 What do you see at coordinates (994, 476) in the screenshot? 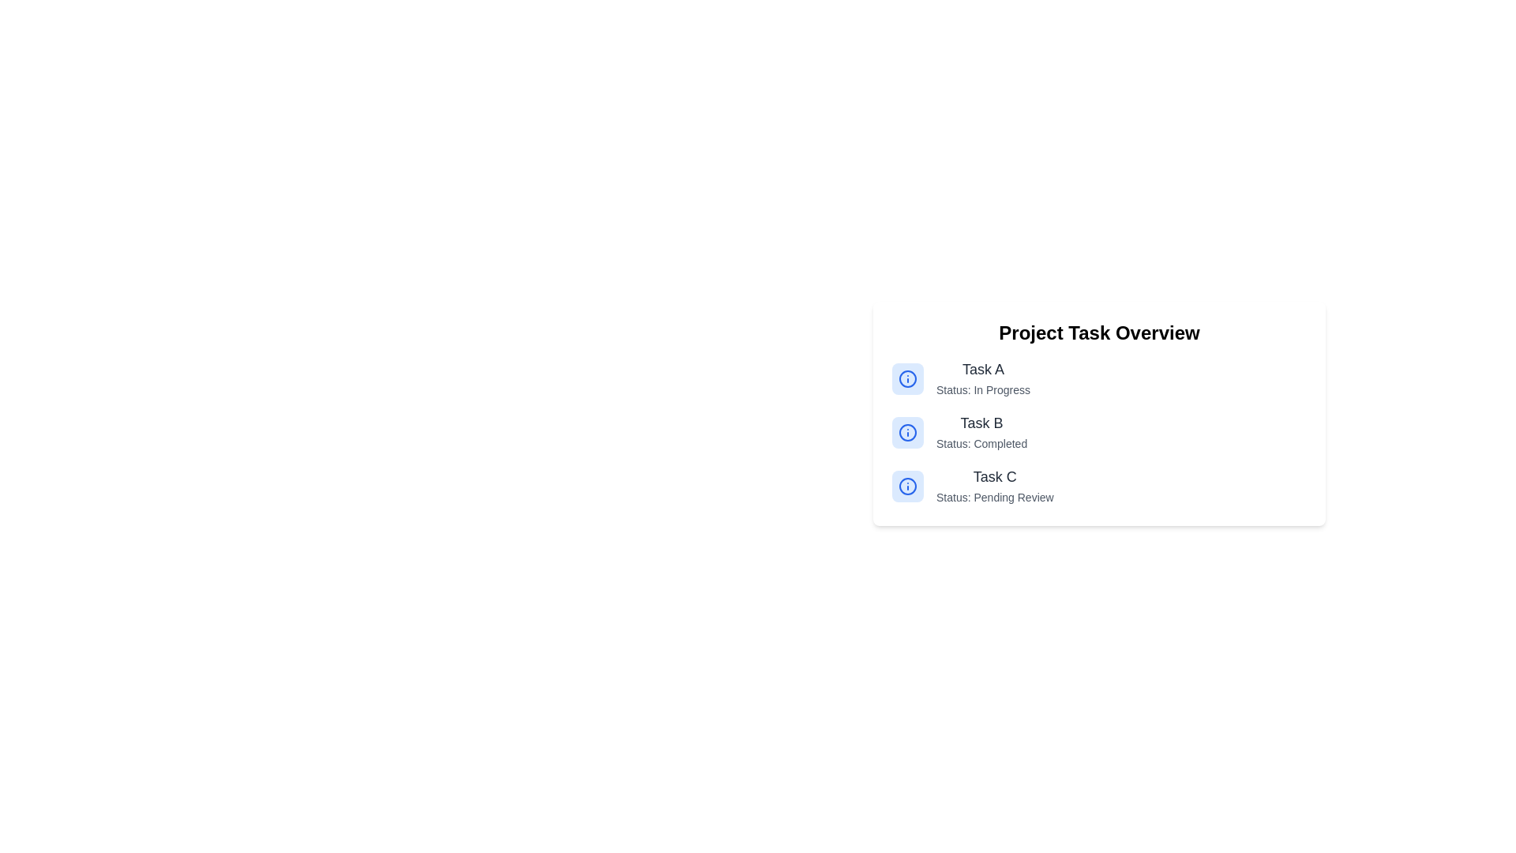
I see `the static text label that identifies the task, located below 'Task B' and above 'Status: Pending Review' in the task overview interface` at bounding box center [994, 476].